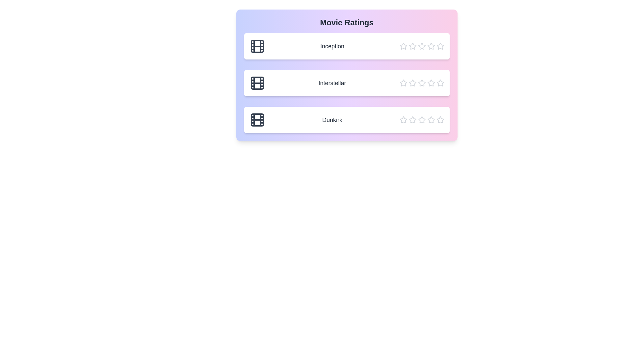  What do you see at coordinates (249, 38) in the screenshot?
I see `the icon next to the movie title to inspect its details` at bounding box center [249, 38].